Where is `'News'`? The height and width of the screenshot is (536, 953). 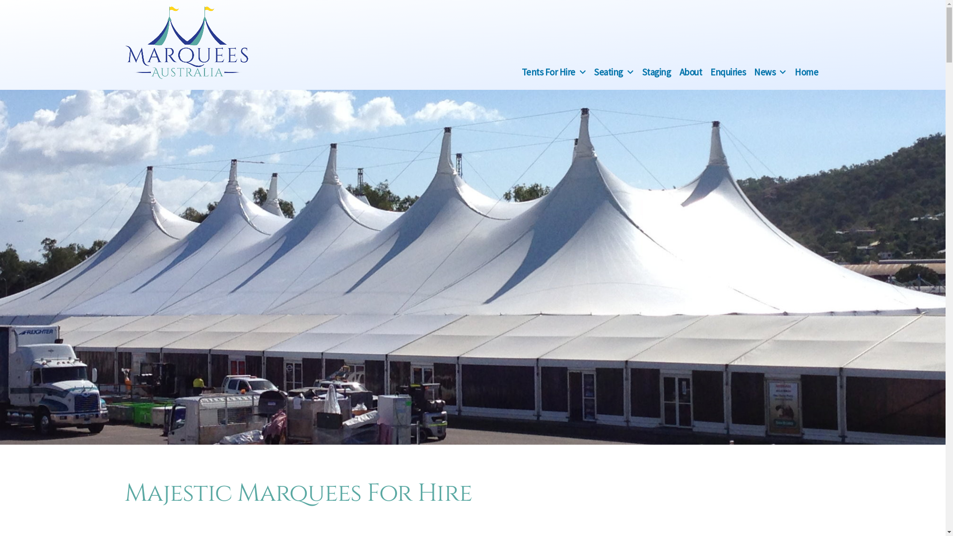
'News' is located at coordinates (764, 70).